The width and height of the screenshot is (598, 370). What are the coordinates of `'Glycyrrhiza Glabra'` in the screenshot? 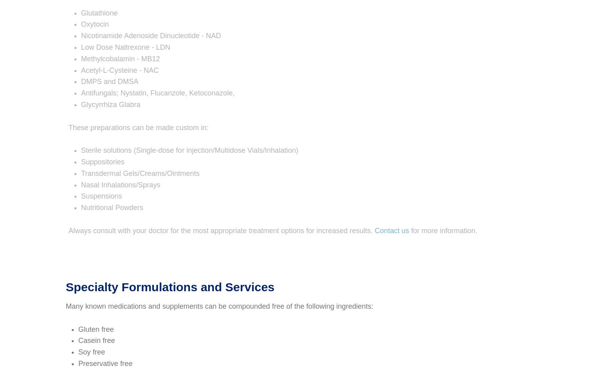 It's located at (72, 105).